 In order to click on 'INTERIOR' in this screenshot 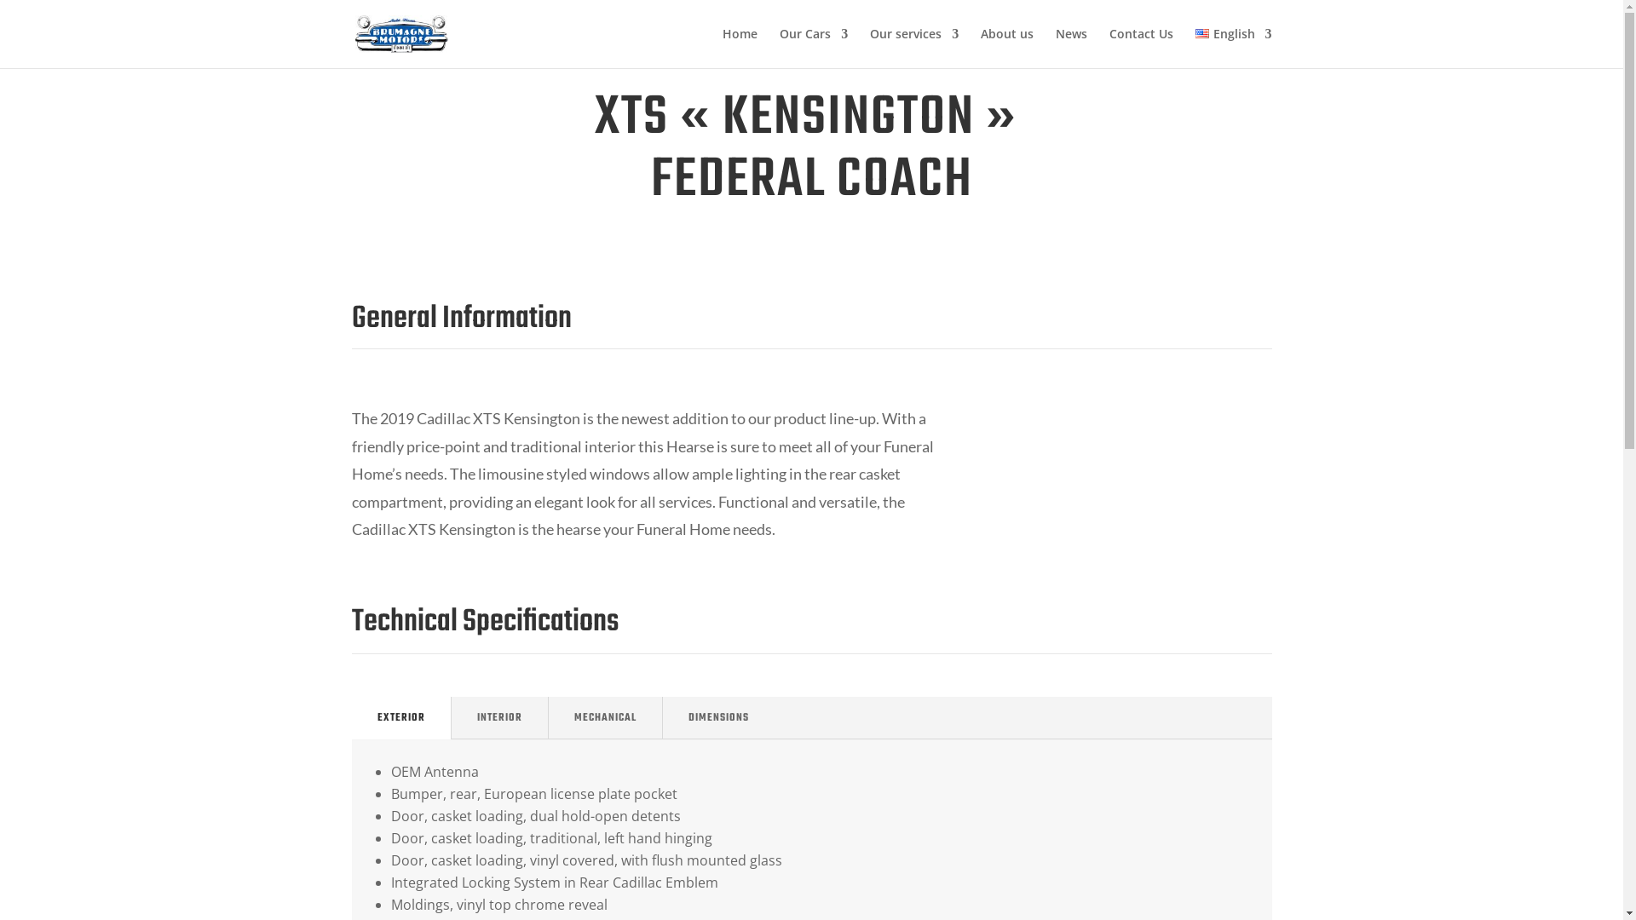, I will do `click(451, 718)`.